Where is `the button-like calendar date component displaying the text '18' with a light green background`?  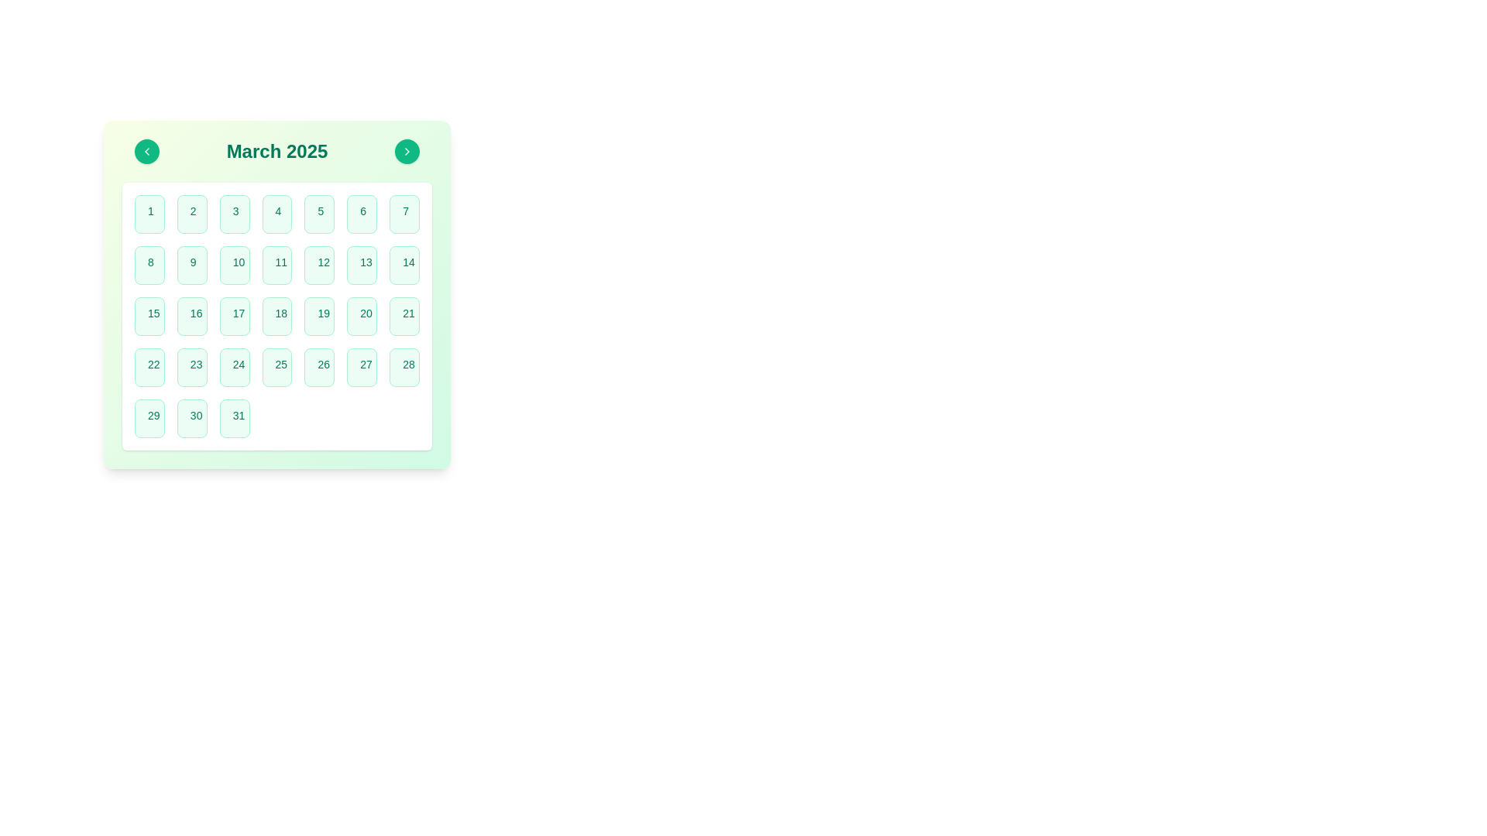 the button-like calendar date component displaying the text '18' with a light green background is located at coordinates (277, 315).